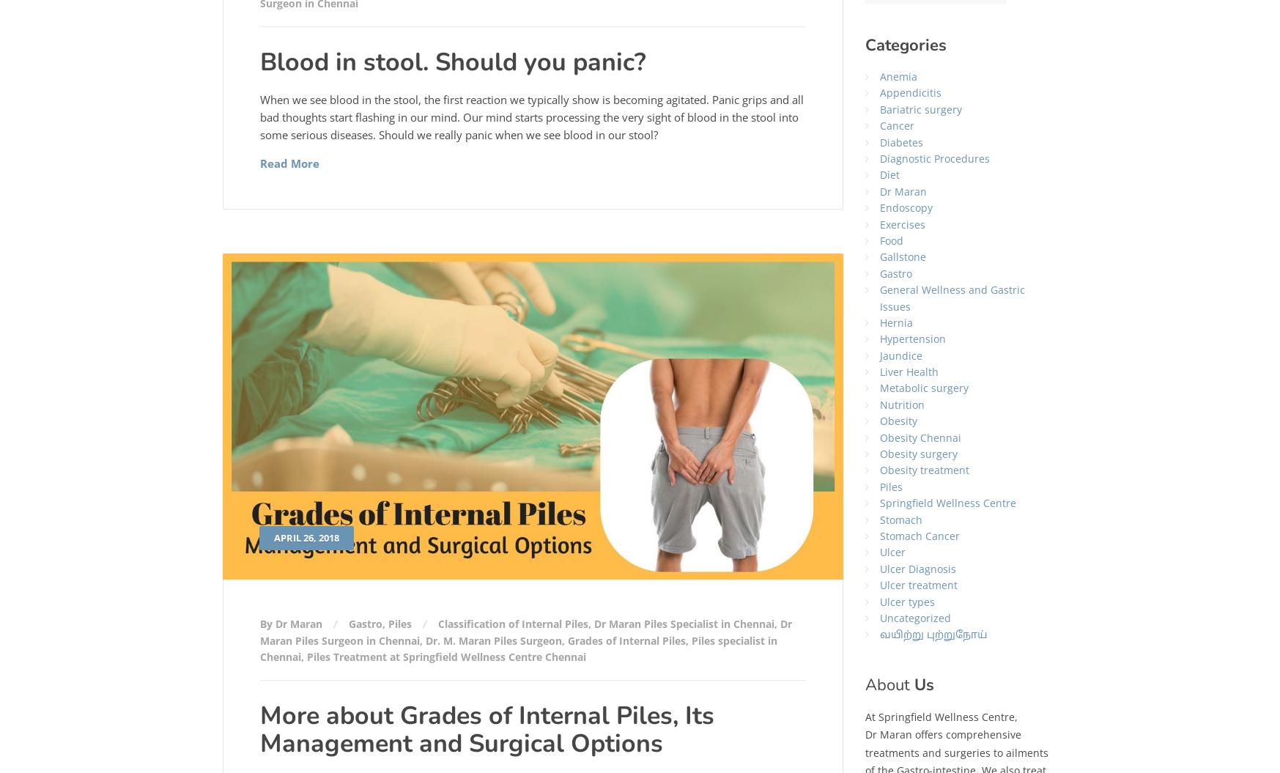 This screenshot has height=773, width=1280. I want to click on 'By  Dr Maran', so click(258, 624).